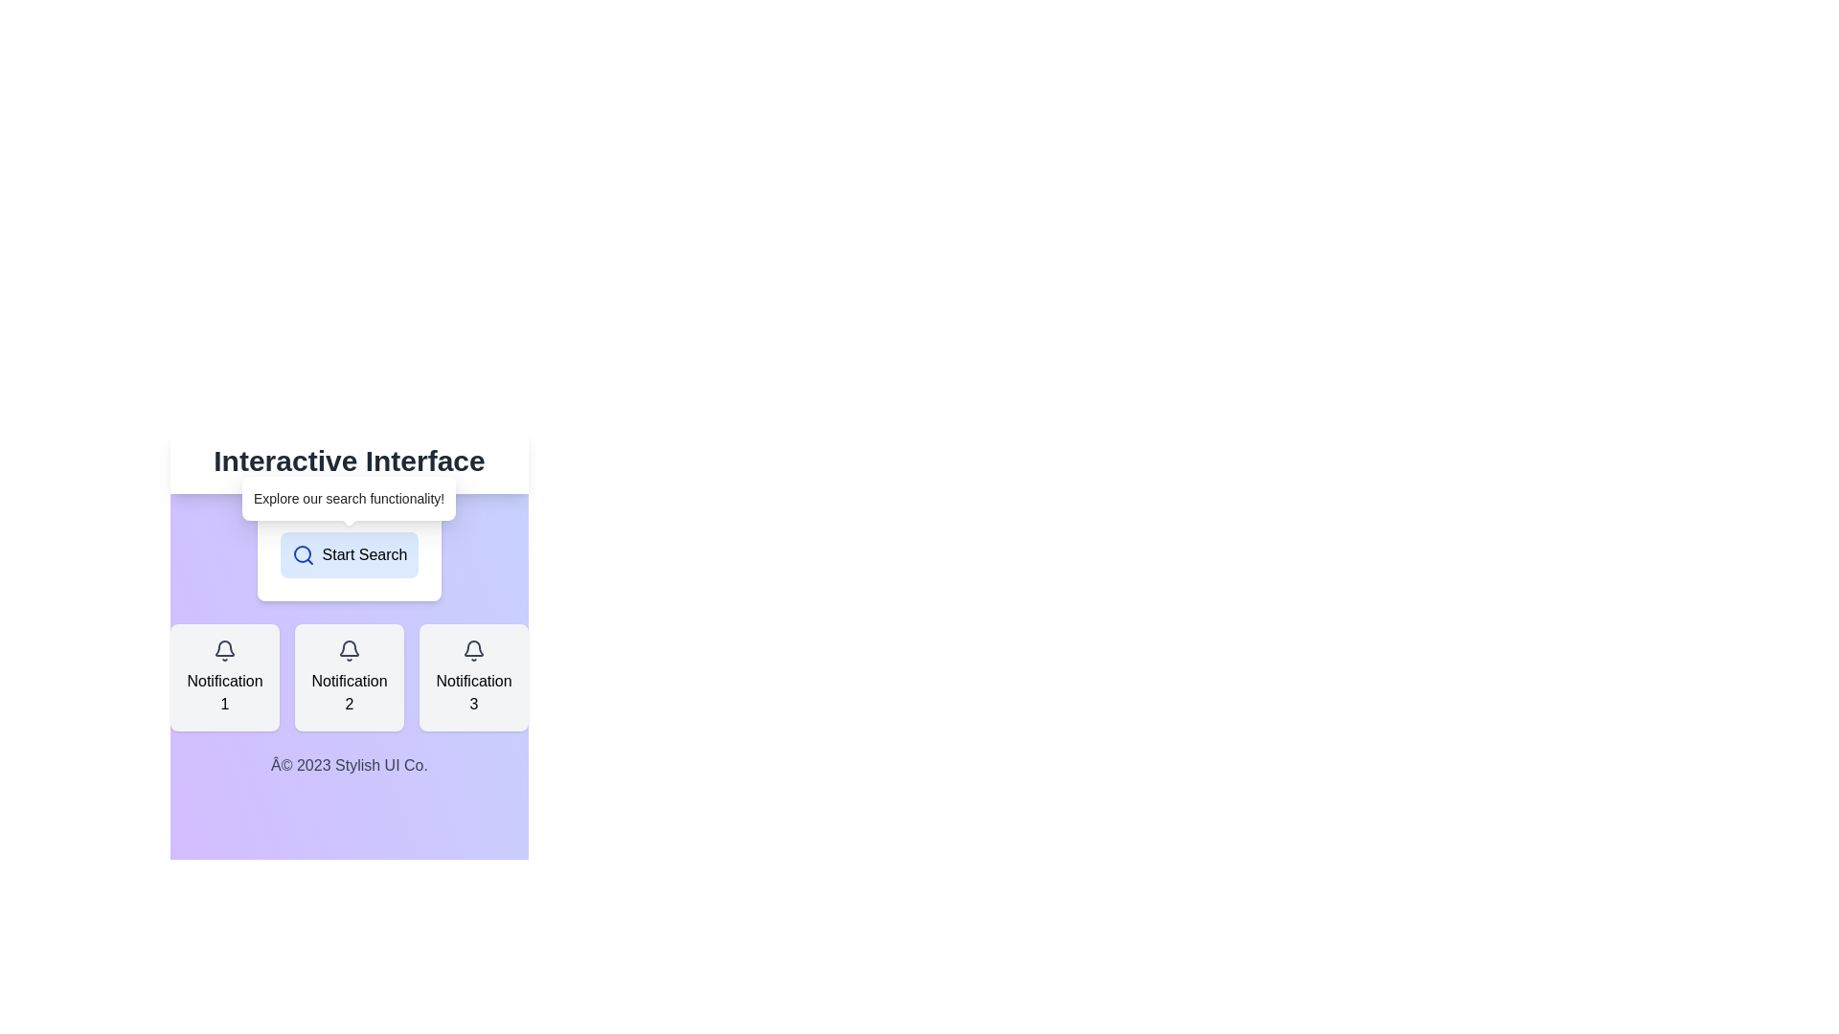  I want to click on the text display element that shows '© 2023 Stylish UI Co.' positioned at the bottom center of the interface, so click(349, 764).